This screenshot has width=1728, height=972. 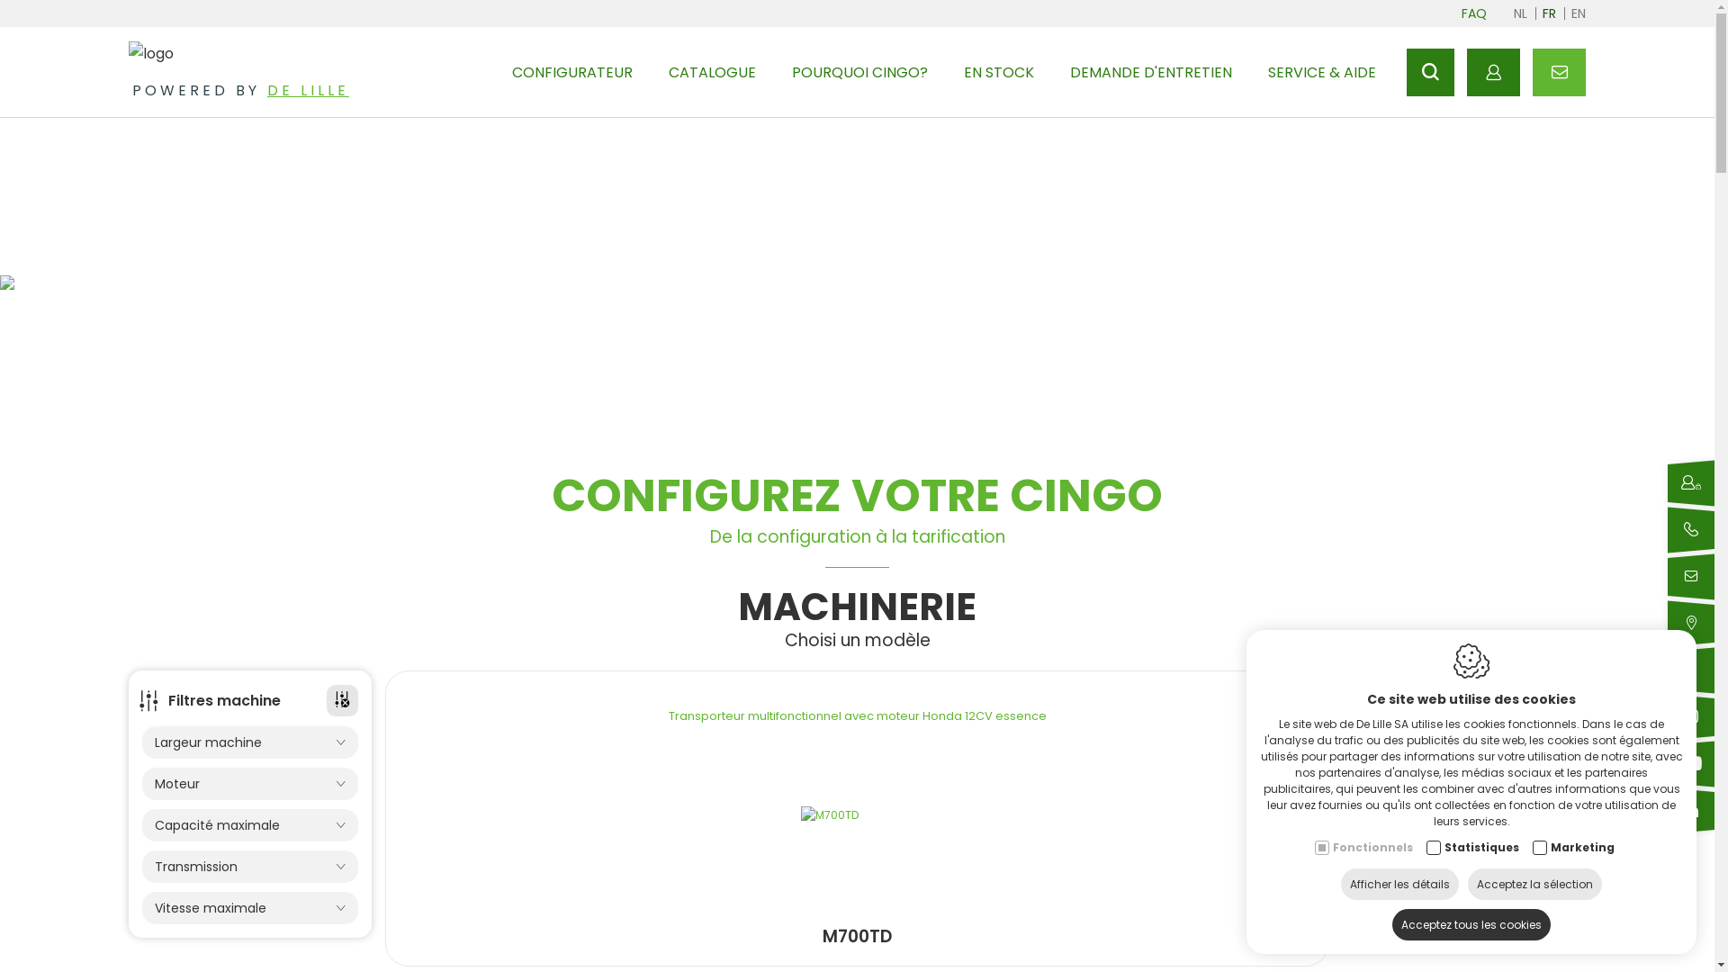 I want to click on 'CONFIGURATEUR', so click(x=571, y=71).